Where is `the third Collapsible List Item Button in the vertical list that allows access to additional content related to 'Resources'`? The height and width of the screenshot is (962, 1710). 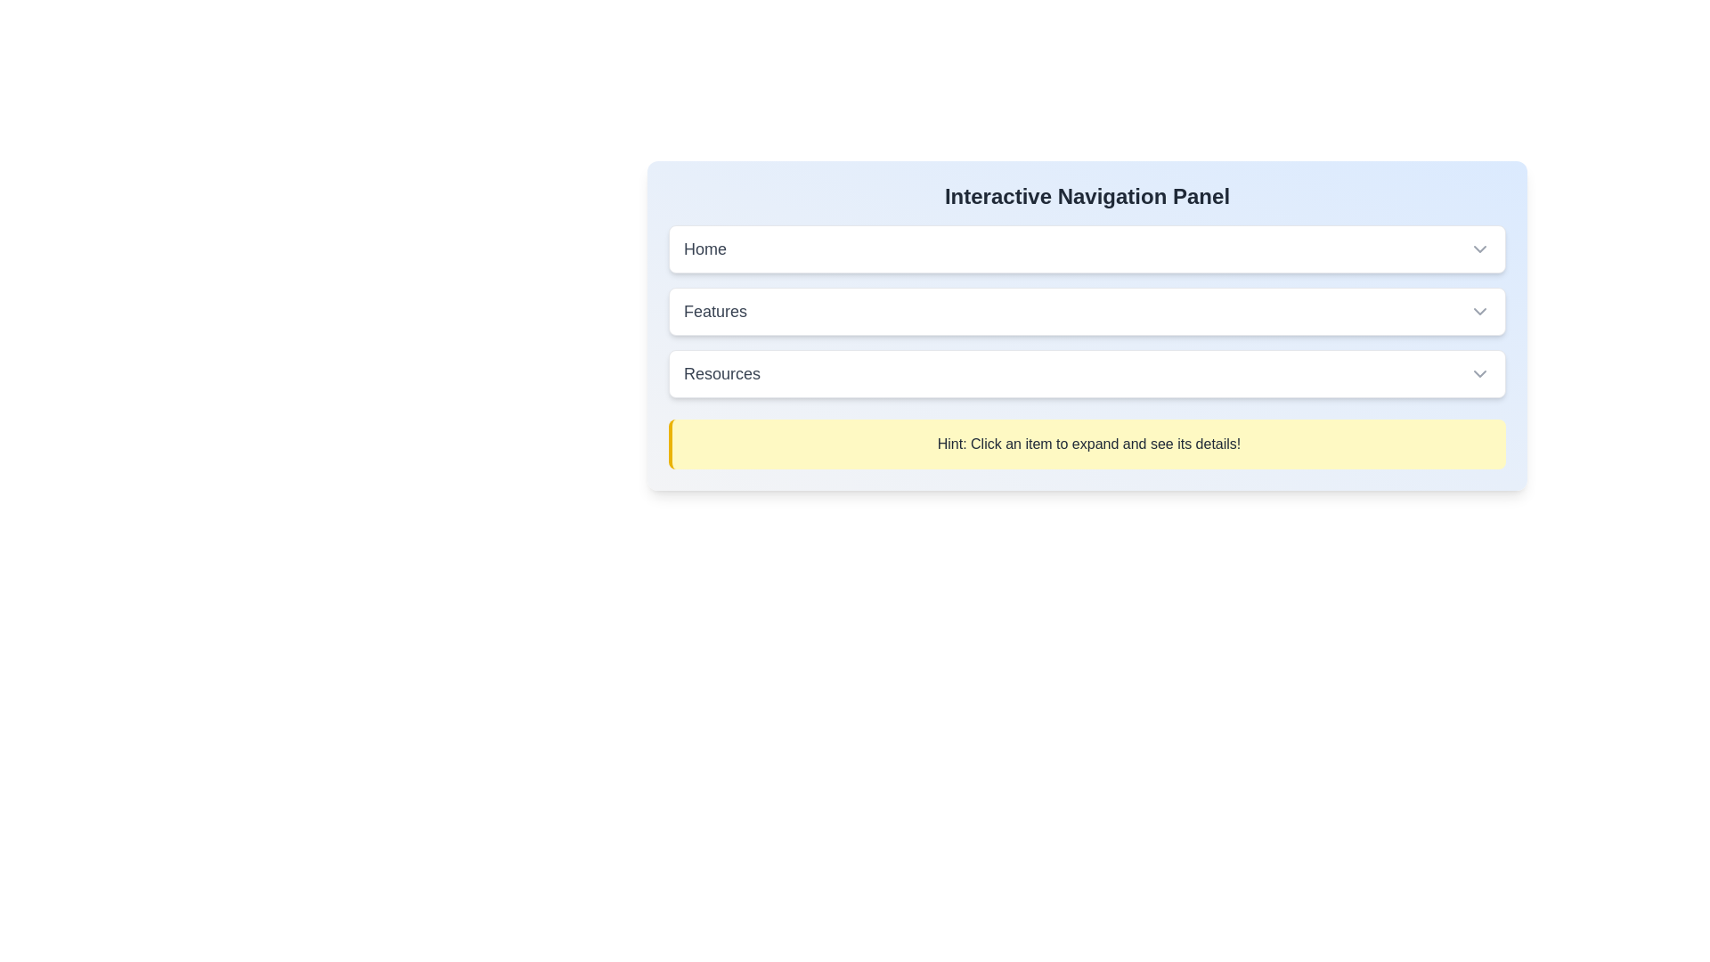 the third Collapsible List Item Button in the vertical list that allows access to additional content related to 'Resources' is located at coordinates (1086, 373).